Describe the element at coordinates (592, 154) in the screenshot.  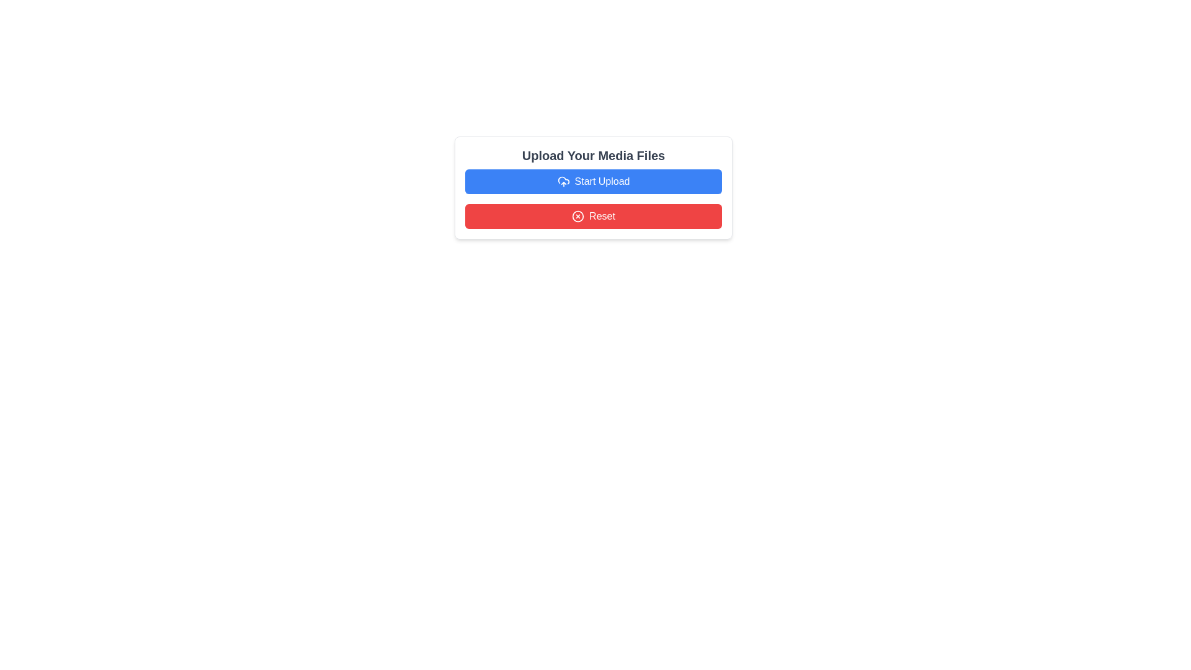
I see `the static text heading that serves as a descriptive heading for the media upload interface` at that location.